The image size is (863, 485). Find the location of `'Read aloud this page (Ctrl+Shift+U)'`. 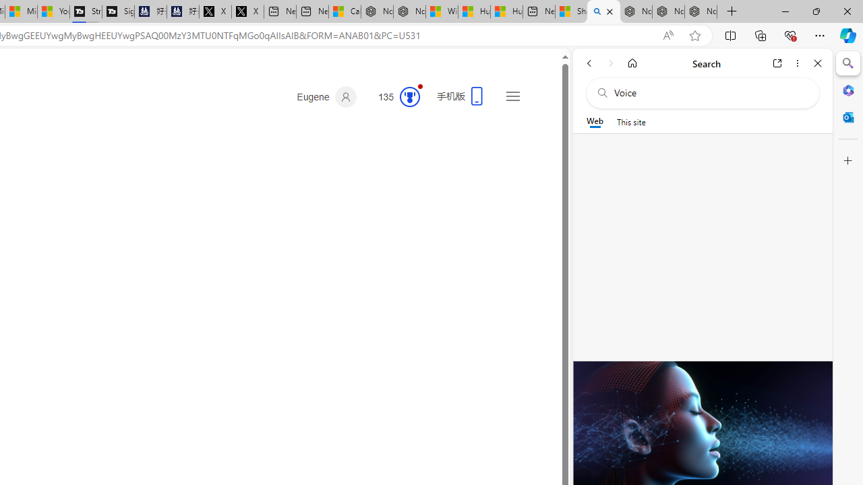

'Read aloud this page (Ctrl+Shift+U)' is located at coordinates (668, 35).